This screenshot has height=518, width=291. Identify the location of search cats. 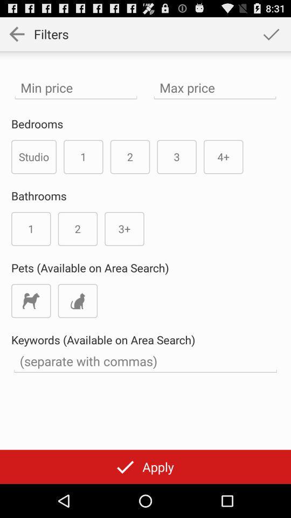
(77, 301).